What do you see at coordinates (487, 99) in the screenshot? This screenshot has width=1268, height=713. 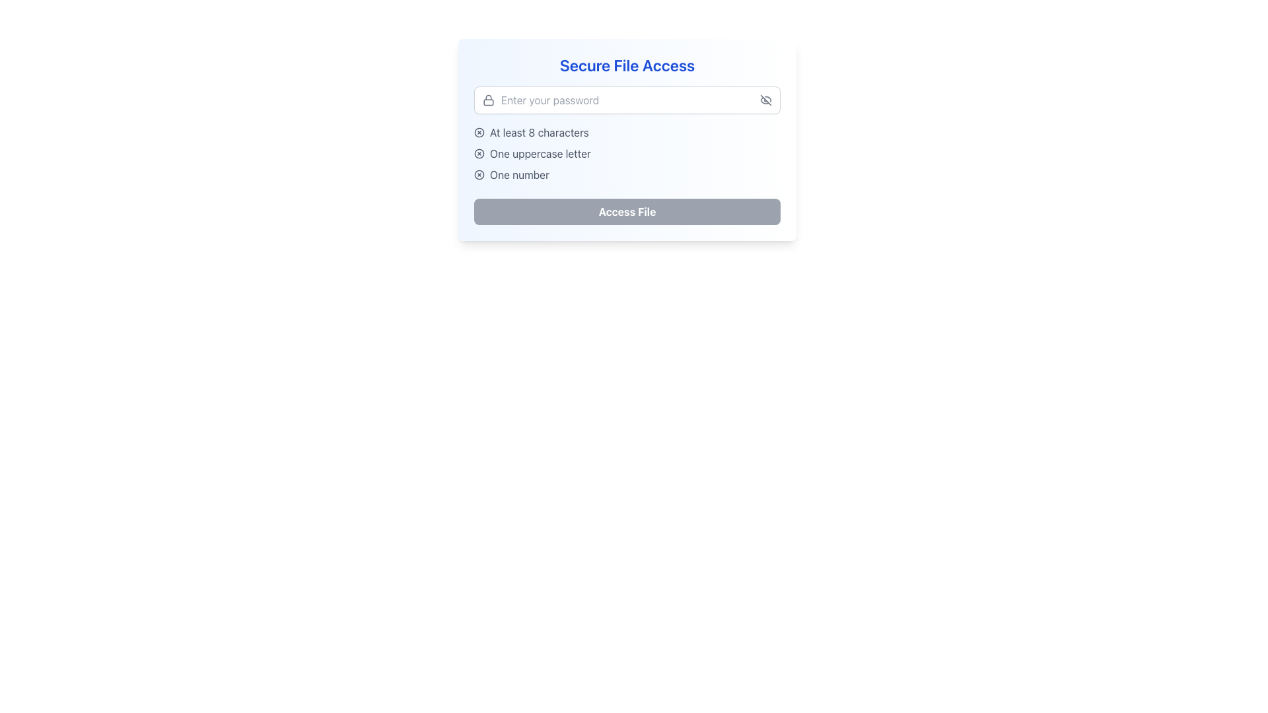 I see `the gray lock icon located to the left inside the password input field, which serves as a decorative feature` at bounding box center [487, 99].